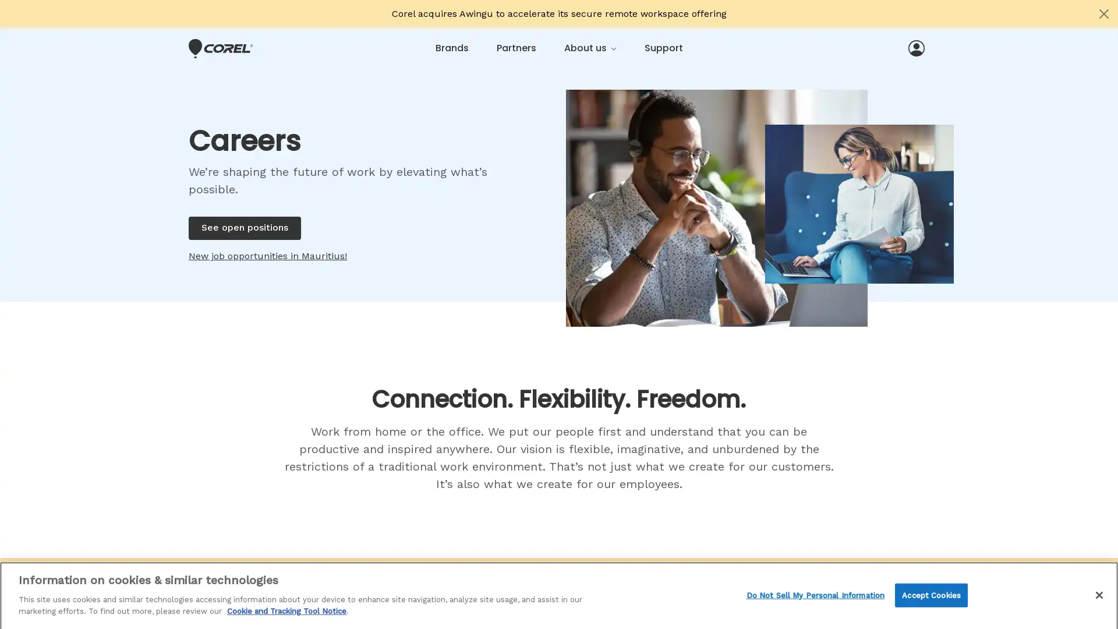 The image size is (1118, 629). Describe the element at coordinates (1098, 593) in the screenshot. I see `Close` at that location.